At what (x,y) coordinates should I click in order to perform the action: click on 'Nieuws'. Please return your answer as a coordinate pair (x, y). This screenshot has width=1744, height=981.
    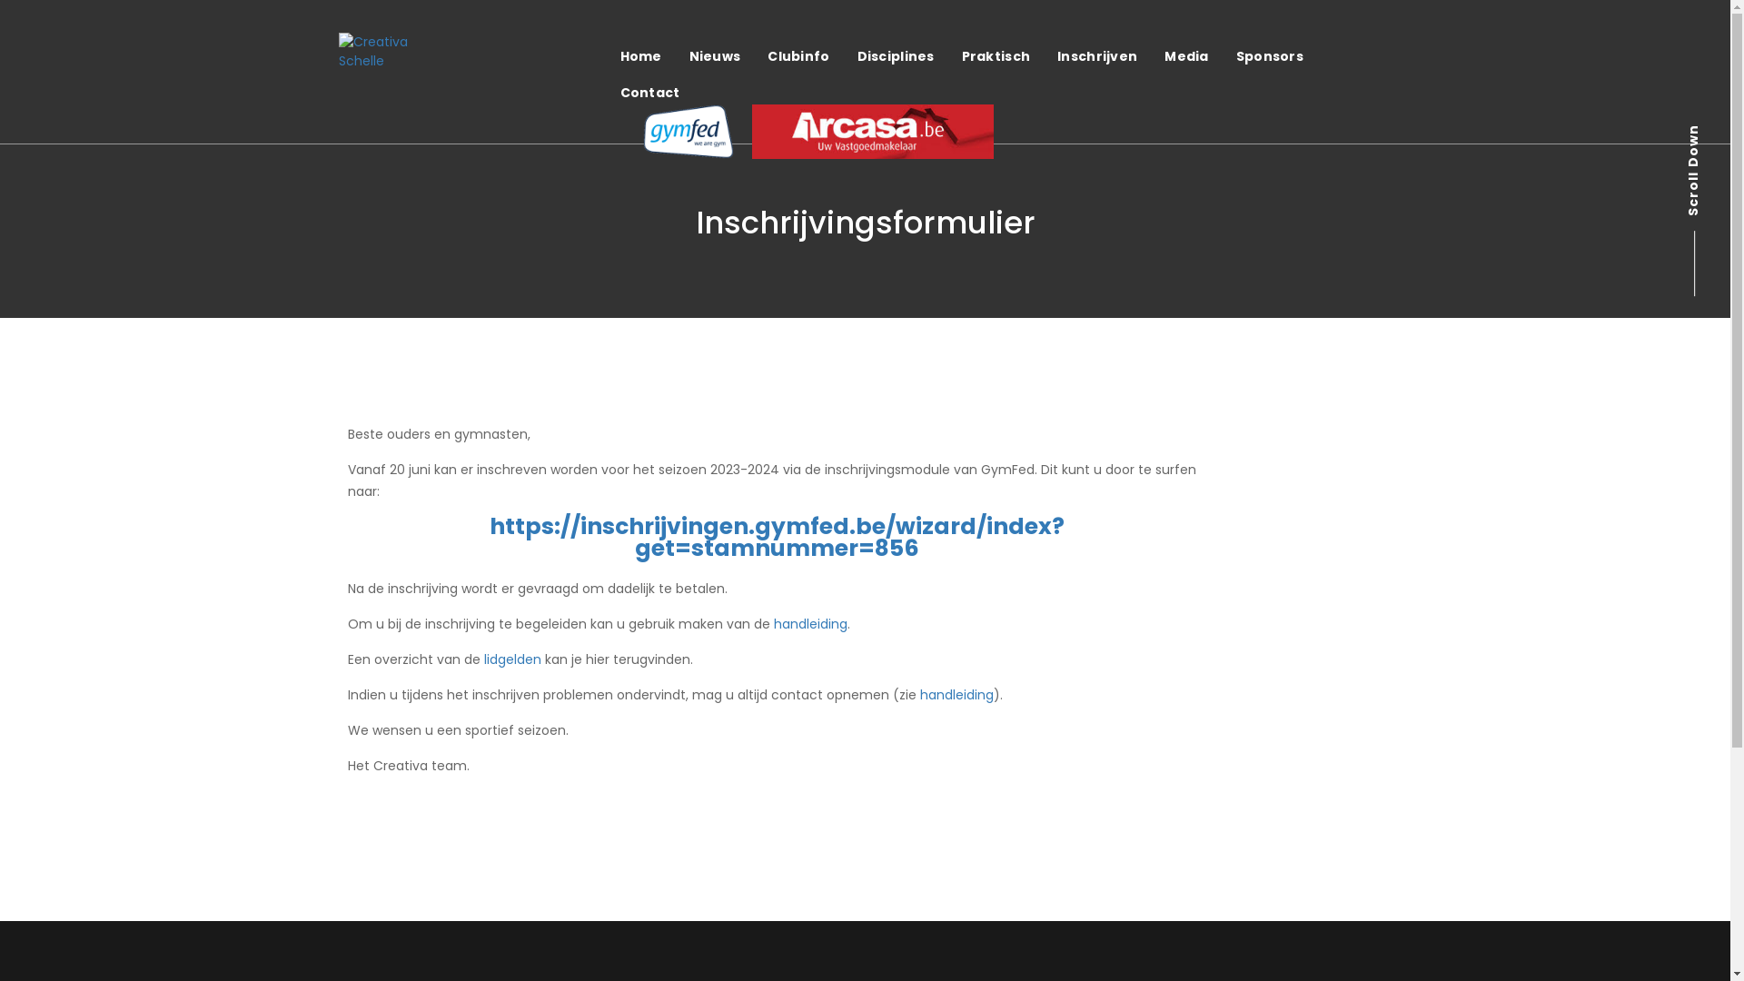
    Looking at the image, I should click on (714, 54).